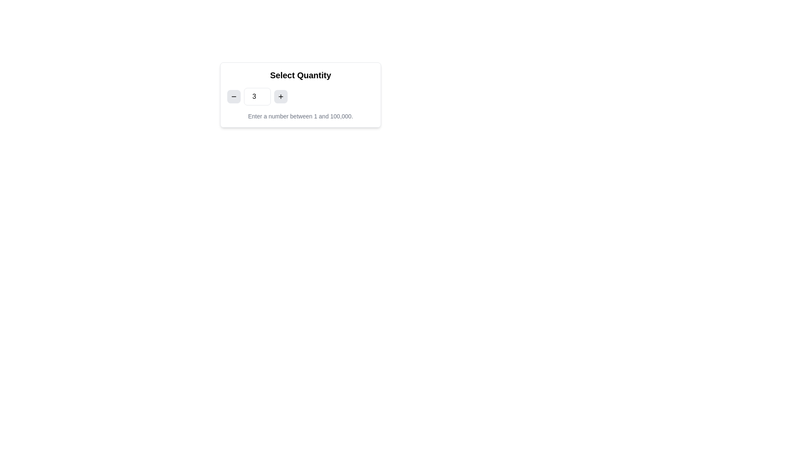 The width and height of the screenshot is (805, 452). I want to click on the decrease icon located within the button on the left side of the 'Select Quantity' section to provide visual feedback, so click(234, 96).